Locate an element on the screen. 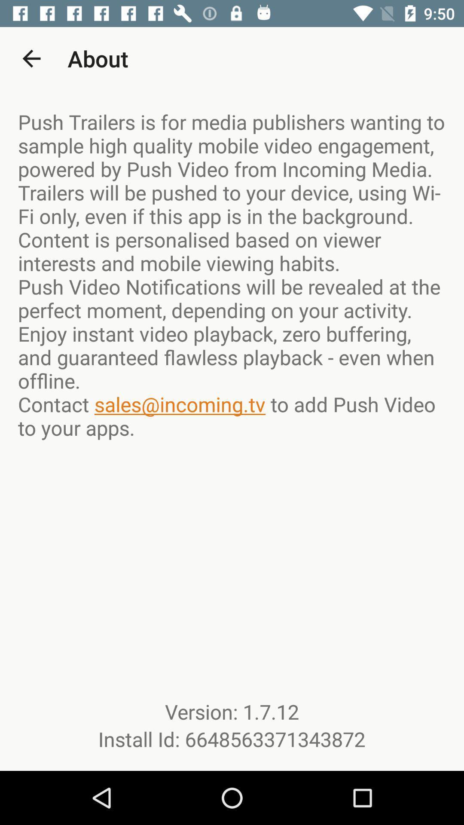  the icon above the push trailers is icon is located at coordinates (31, 58).